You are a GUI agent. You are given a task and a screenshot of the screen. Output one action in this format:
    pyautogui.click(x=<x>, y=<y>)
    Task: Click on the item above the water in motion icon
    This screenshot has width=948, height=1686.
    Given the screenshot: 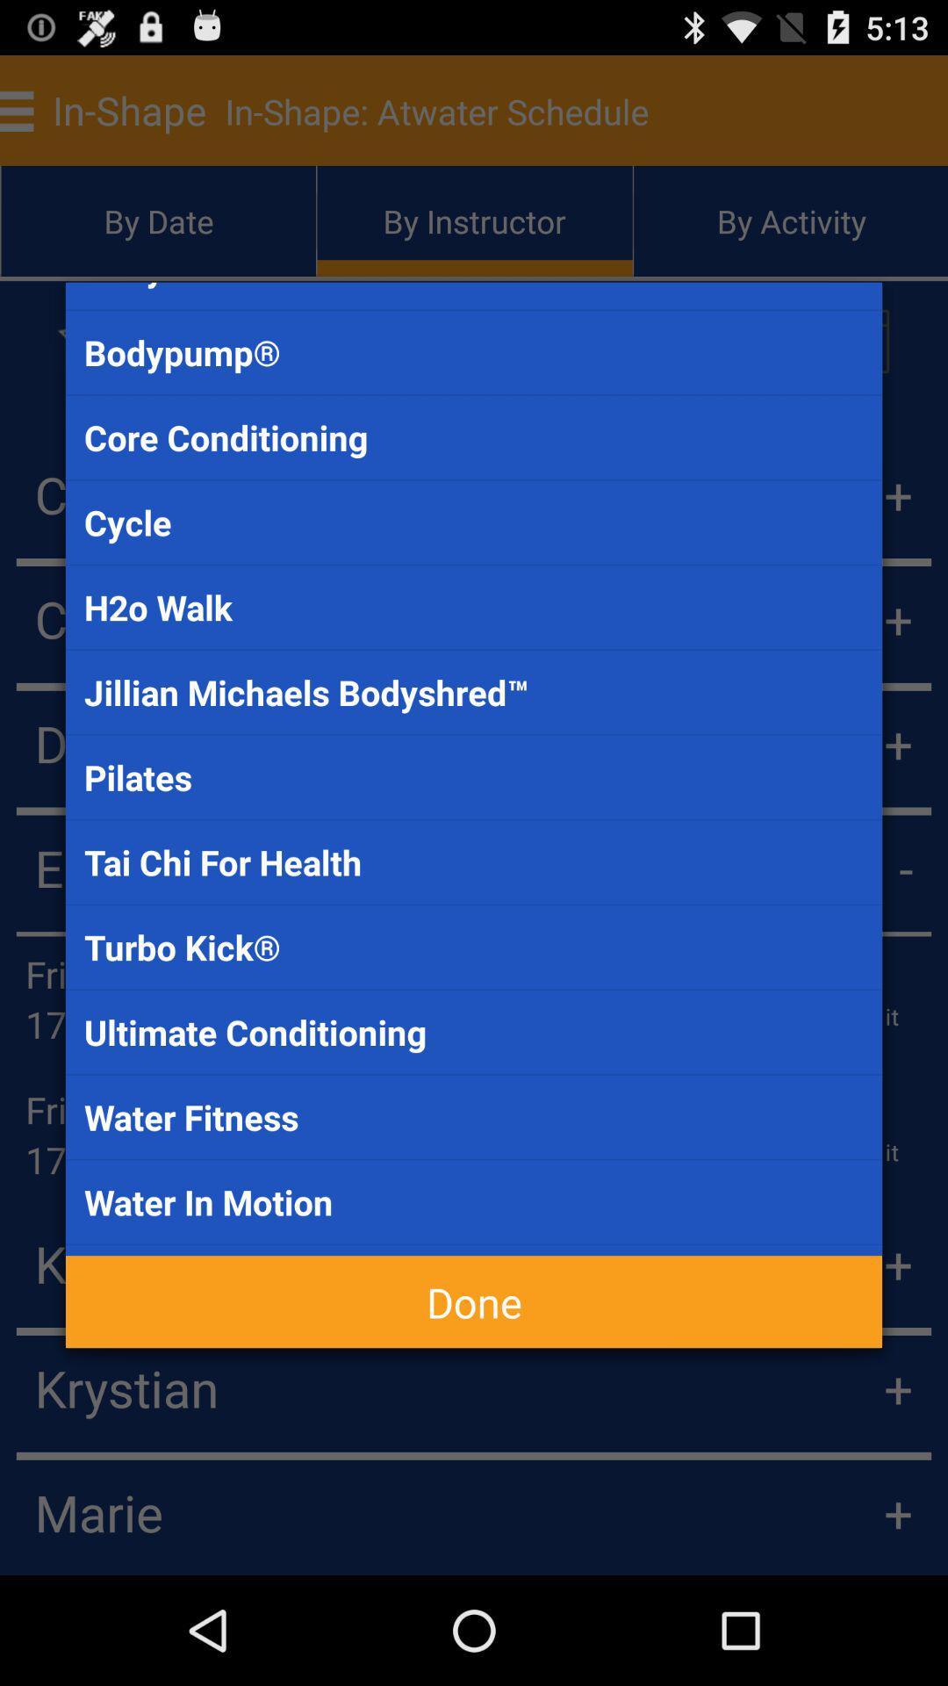 What is the action you would take?
    pyautogui.click(x=474, y=1116)
    